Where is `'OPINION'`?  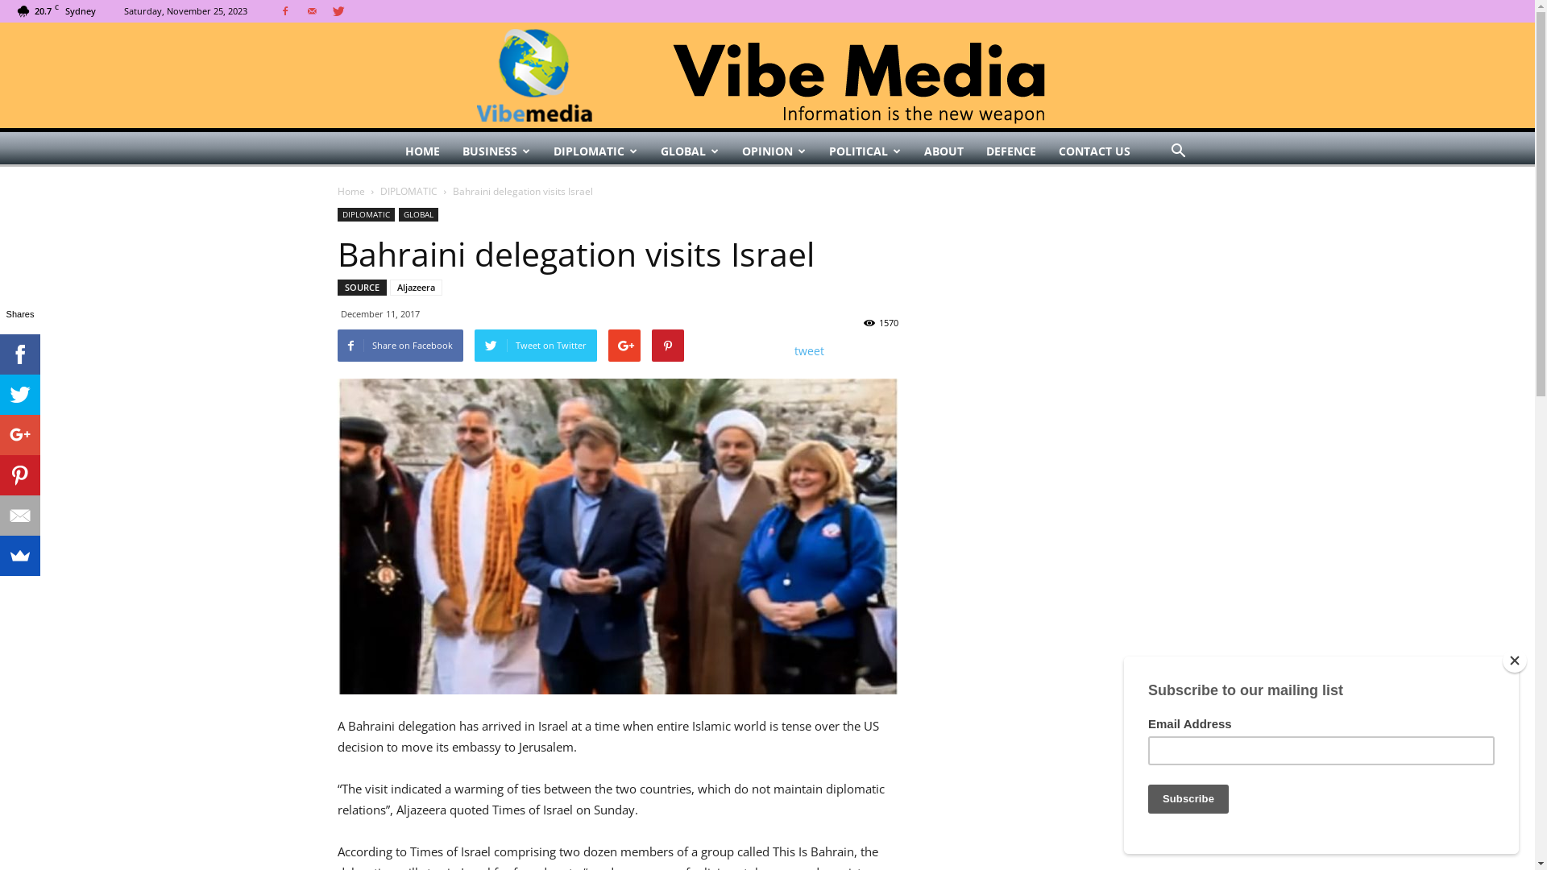
'OPINION' is located at coordinates (773, 151).